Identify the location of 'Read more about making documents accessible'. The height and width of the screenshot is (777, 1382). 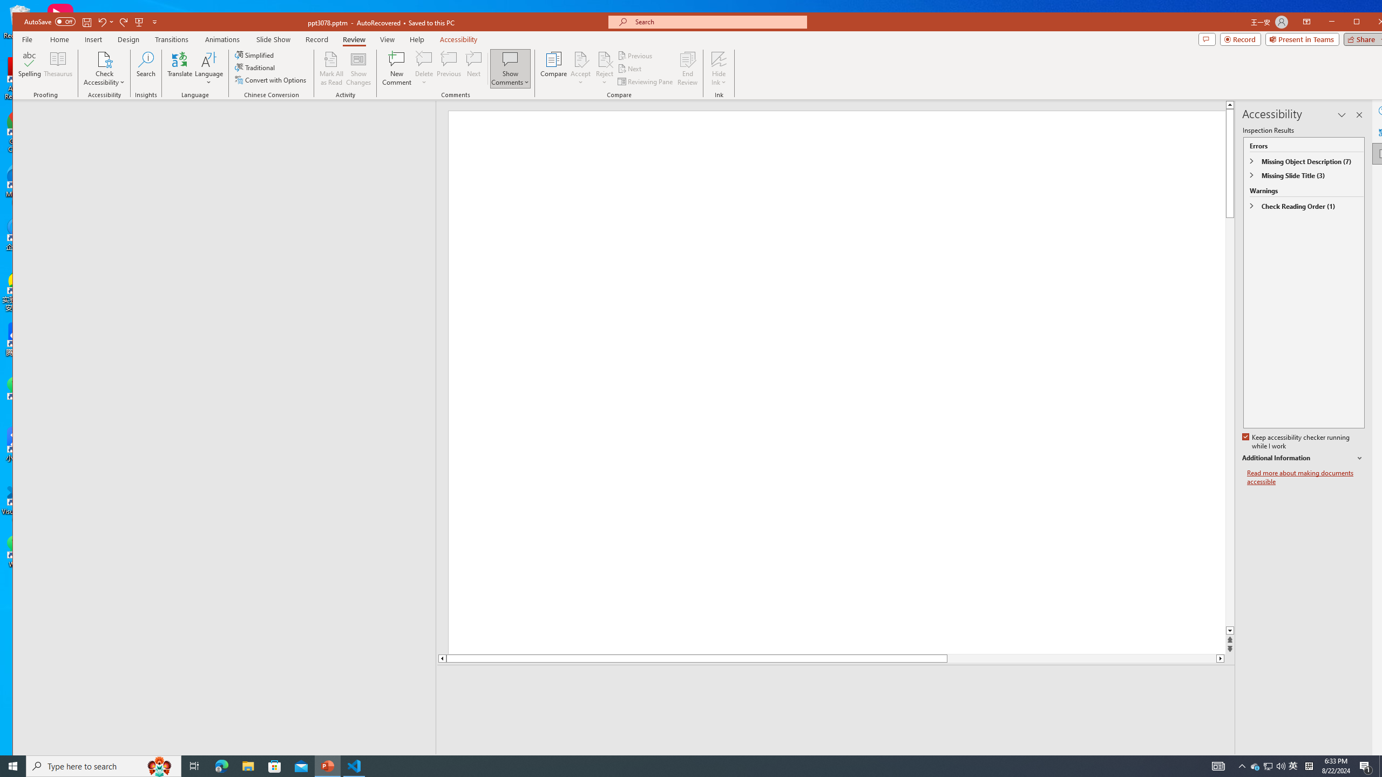
(1305, 477).